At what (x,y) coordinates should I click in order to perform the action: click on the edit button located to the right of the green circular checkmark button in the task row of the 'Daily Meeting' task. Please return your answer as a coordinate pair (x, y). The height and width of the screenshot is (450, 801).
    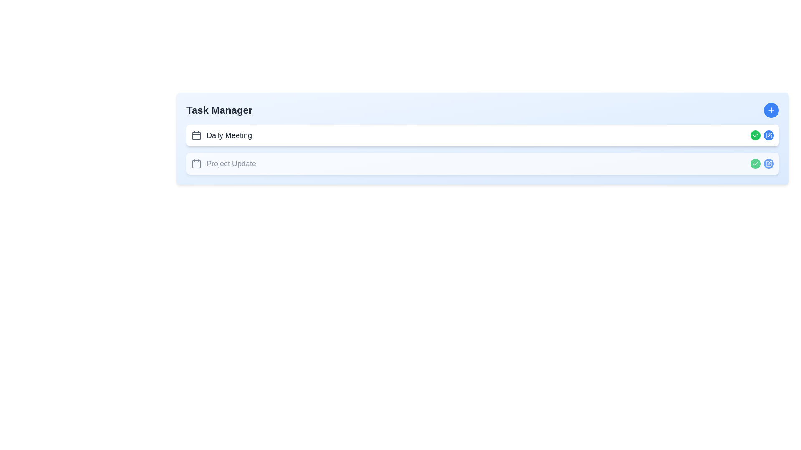
    Looking at the image, I should click on (768, 135).